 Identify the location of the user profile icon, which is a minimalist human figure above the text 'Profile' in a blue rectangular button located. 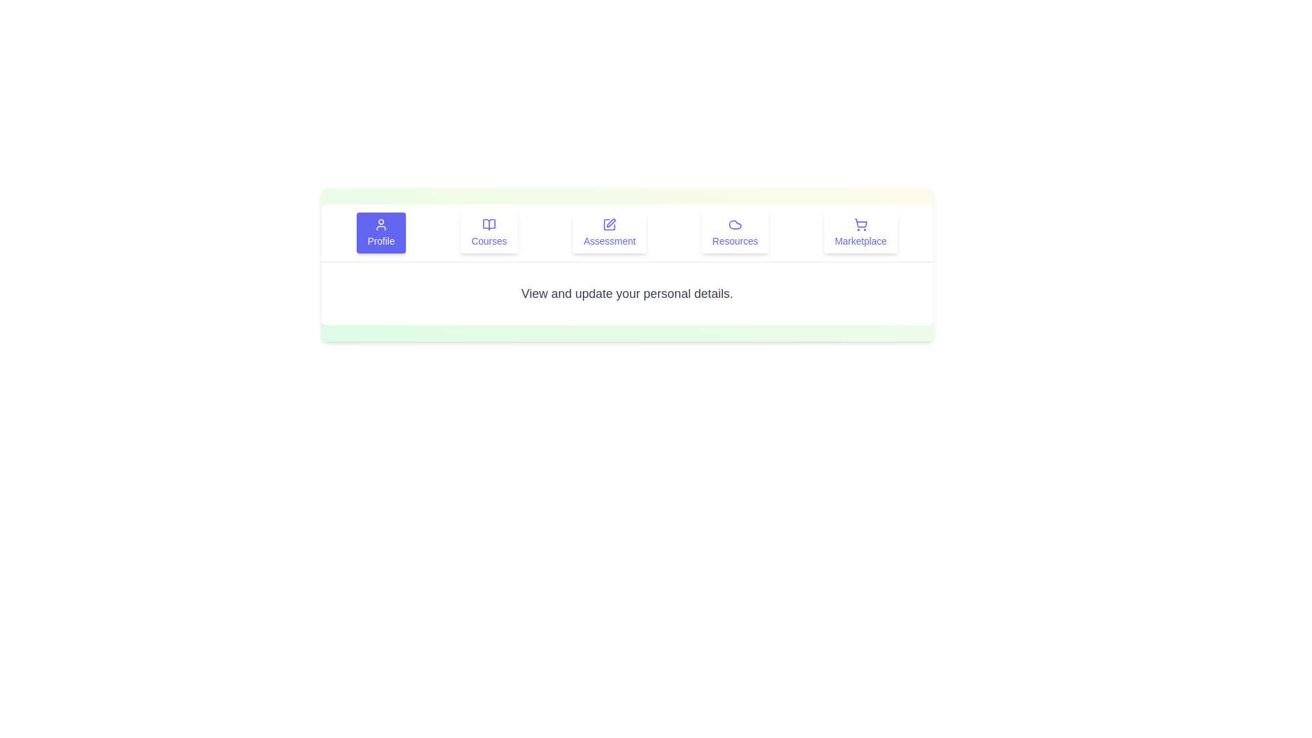
(381, 223).